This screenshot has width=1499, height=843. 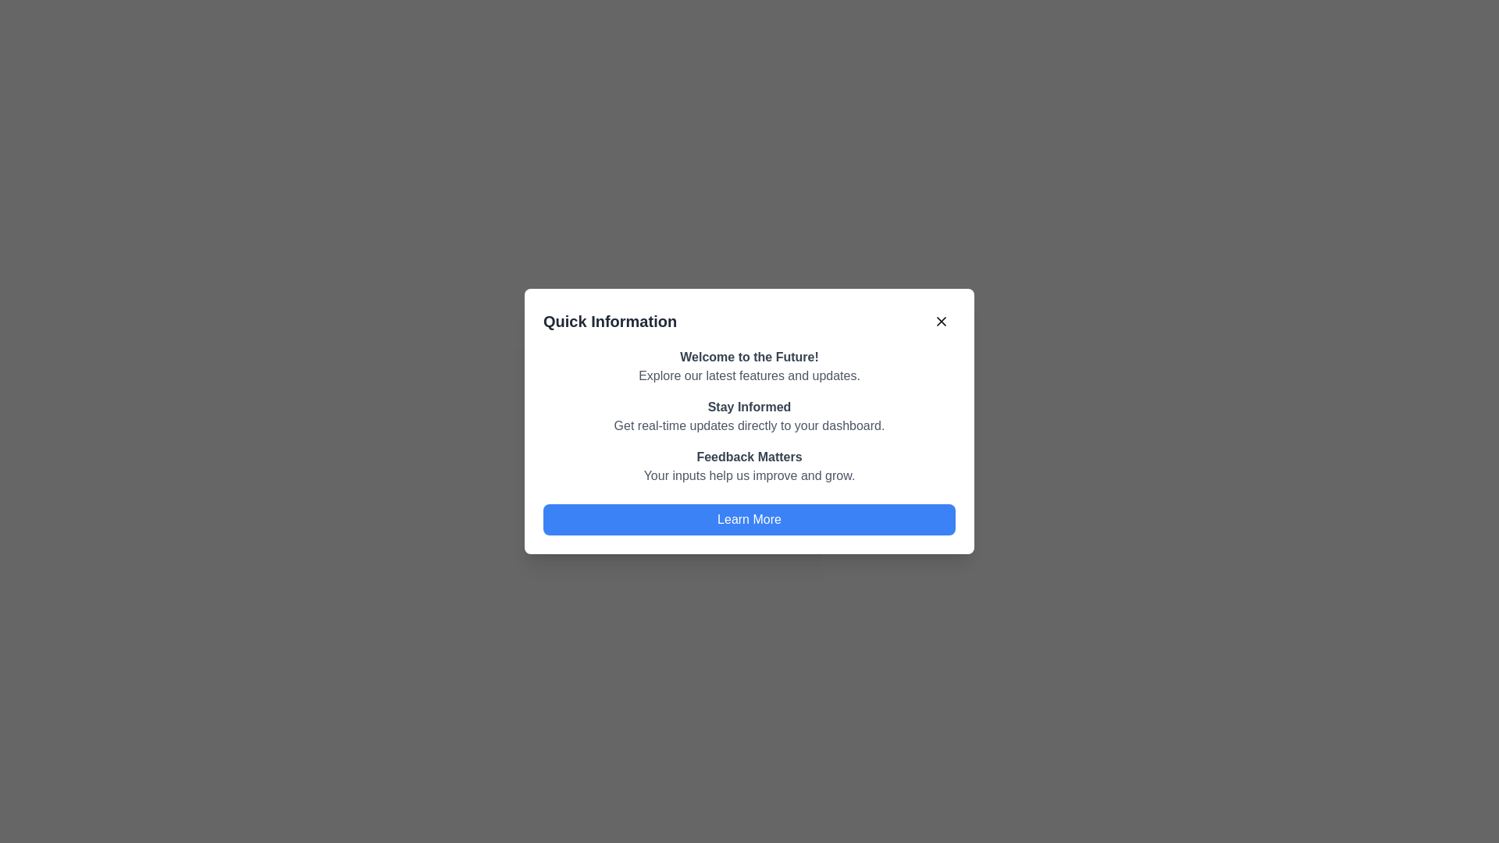 What do you see at coordinates (749, 357) in the screenshot?
I see `the welcoming header text located at the top of the 'Quick Information' modal` at bounding box center [749, 357].